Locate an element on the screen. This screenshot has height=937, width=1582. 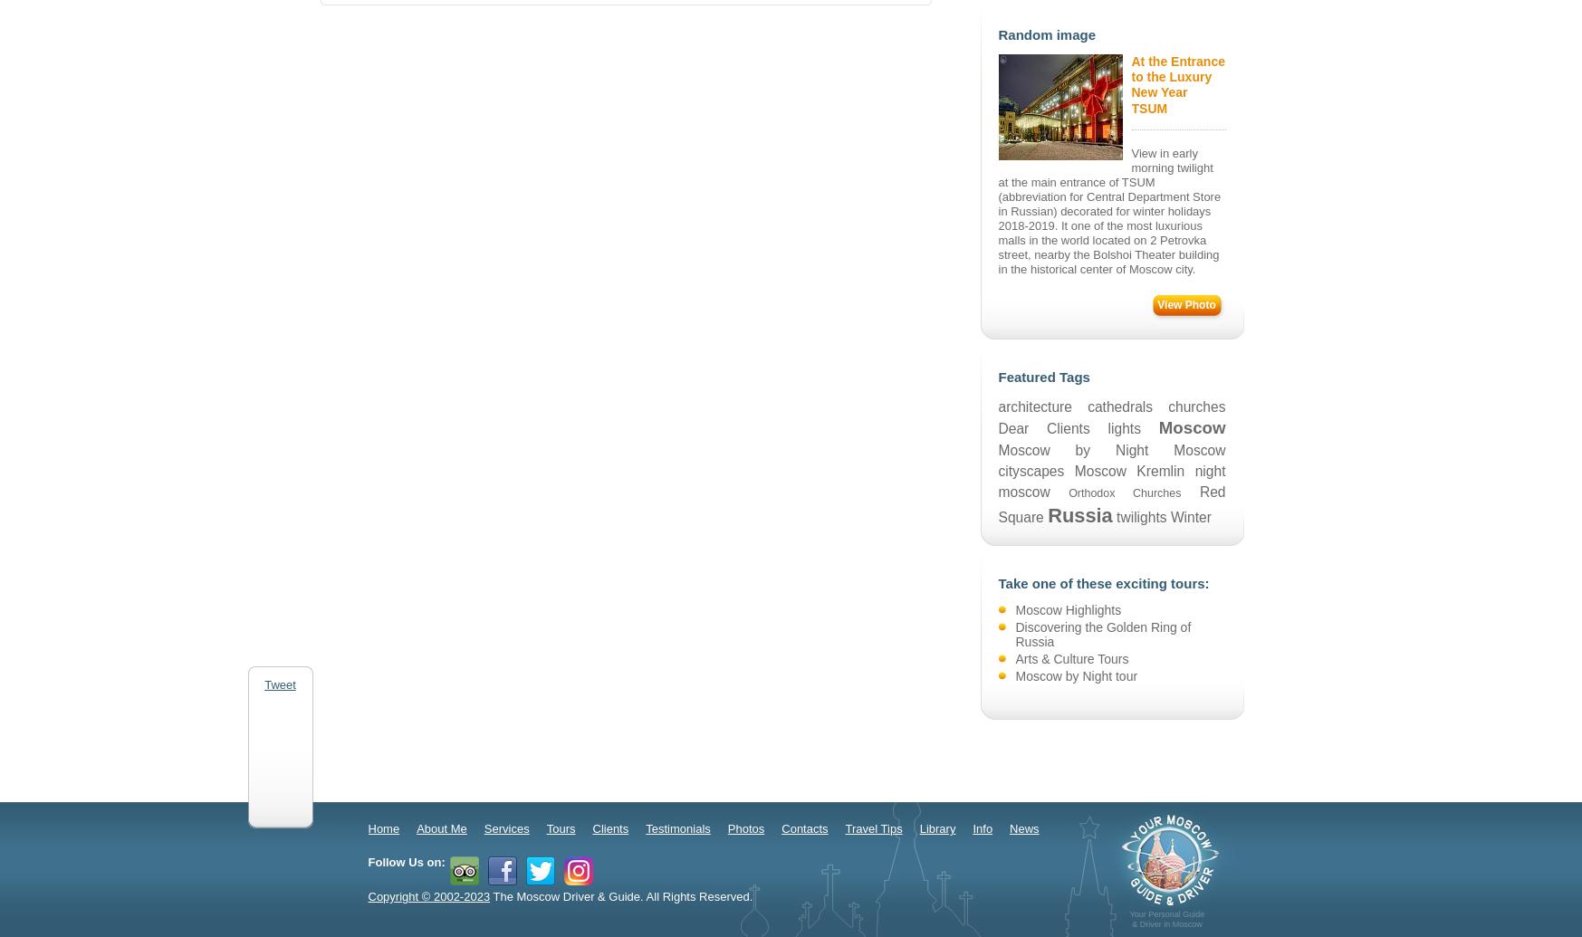
'Moscow by Night' is located at coordinates (1071, 449).